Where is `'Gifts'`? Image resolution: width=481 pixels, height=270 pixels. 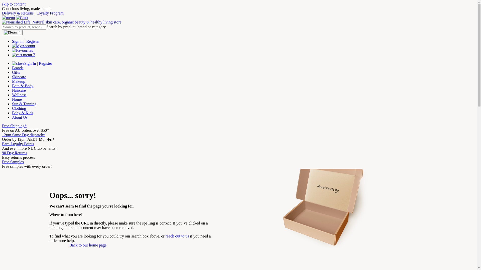
'Gifts' is located at coordinates (16, 72).